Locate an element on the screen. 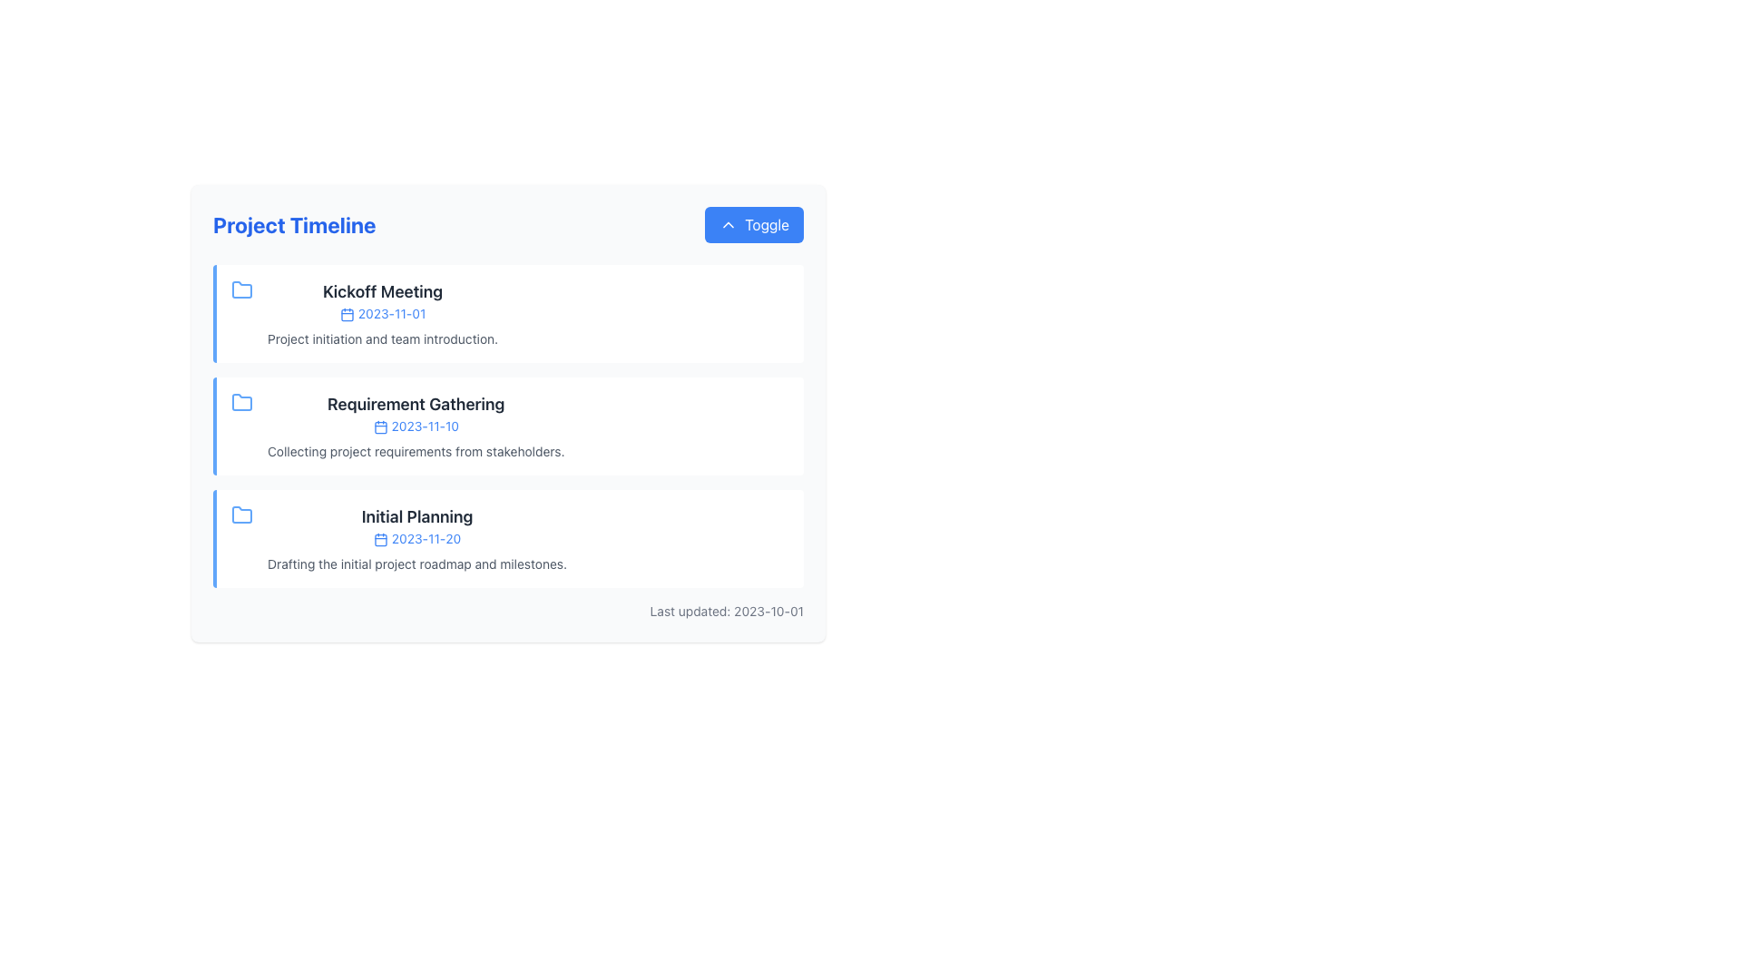  the small triangular chevron icon located inside the 'Toggle' button, adjacent to the 'Toggle' text is located at coordinates (729, 223).